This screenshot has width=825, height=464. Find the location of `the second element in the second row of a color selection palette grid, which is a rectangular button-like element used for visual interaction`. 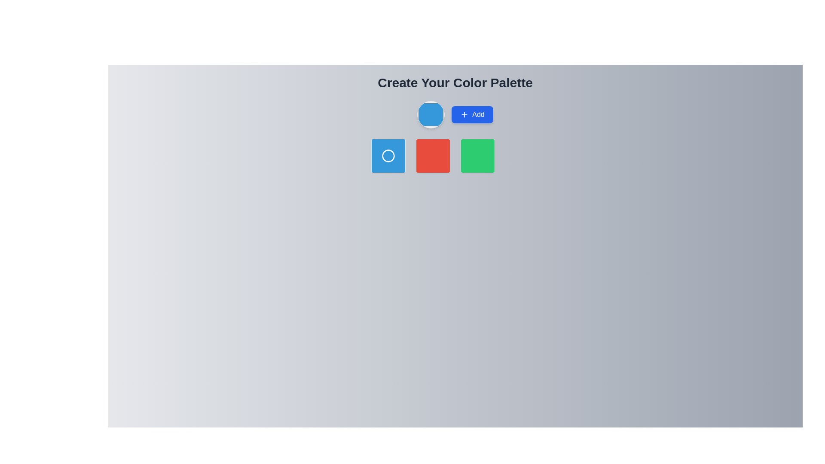

the second element in the second row of a color selection palette grid, which is a rectangular button-like element used for visual interaction is located at coordinates (433, 156).